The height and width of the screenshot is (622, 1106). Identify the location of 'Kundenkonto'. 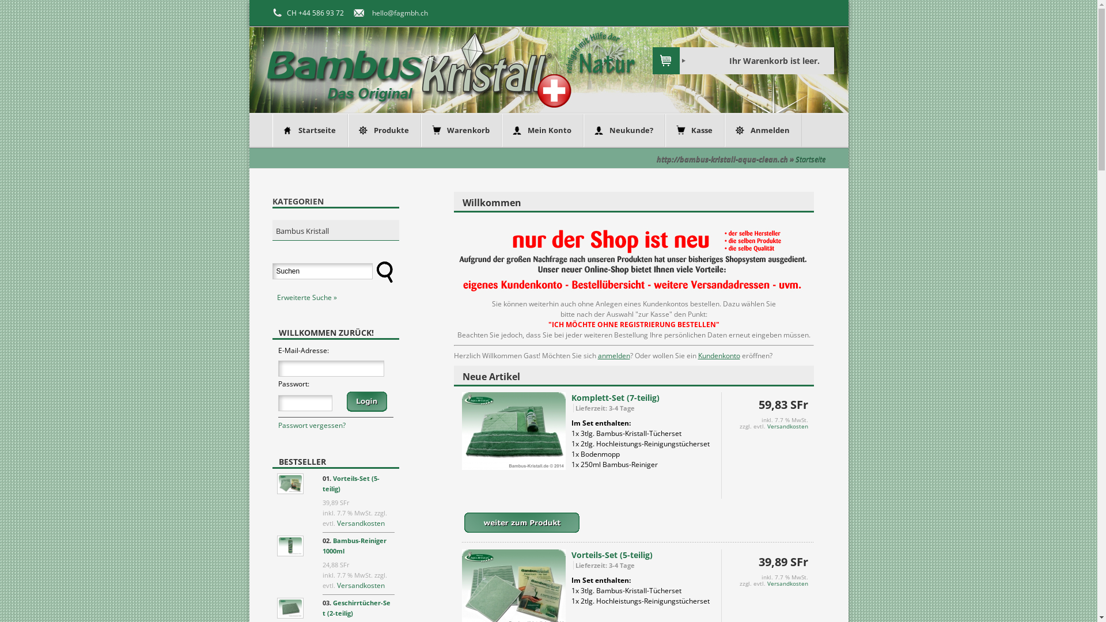
(697, 355).